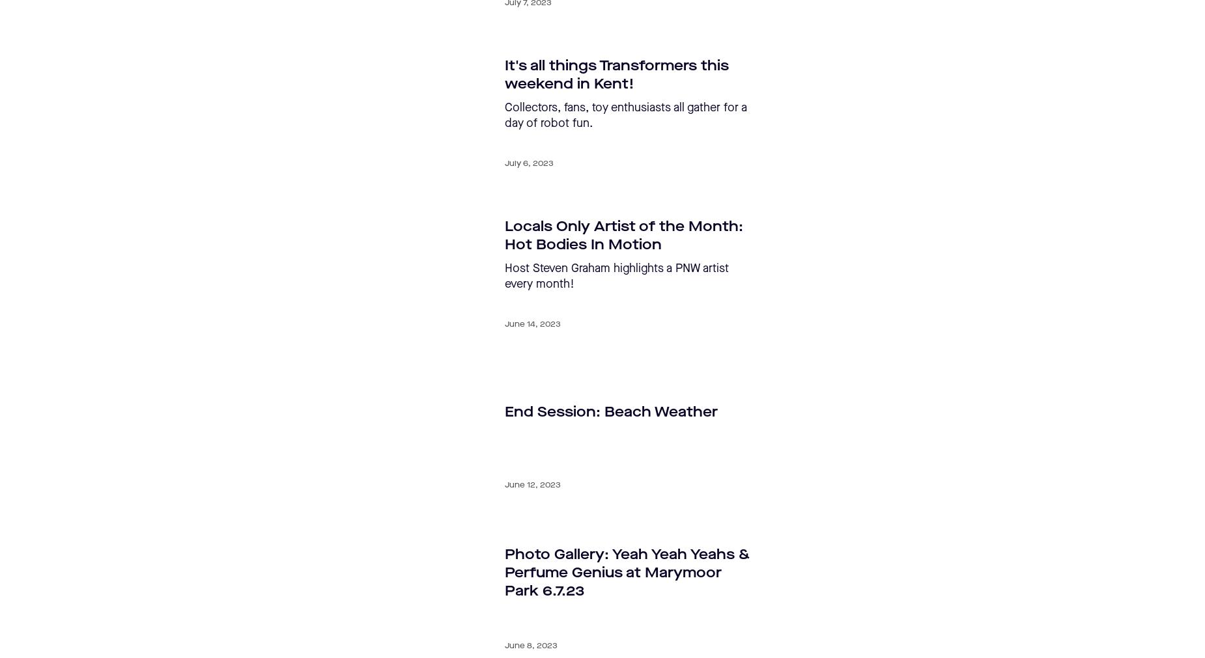  Describe the element at coordinates (529, 163) in the screenshot. I see `'July 6, 2023'` at that location.